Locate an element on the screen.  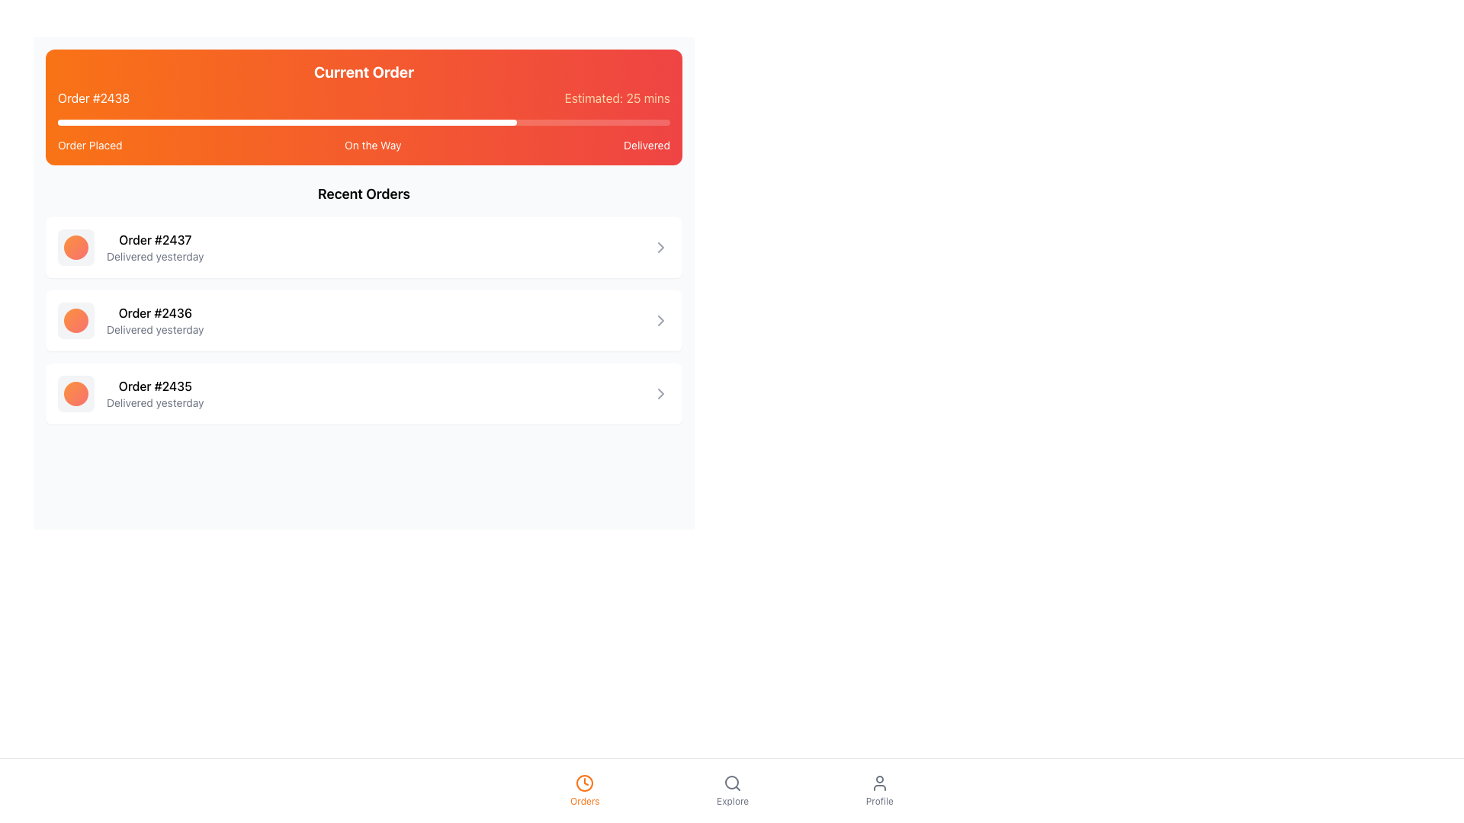
the Text Label that indicates the content and purpose of the section below related to the user's current order details, positioned at the top of the section is located at coordinates (363, 72).